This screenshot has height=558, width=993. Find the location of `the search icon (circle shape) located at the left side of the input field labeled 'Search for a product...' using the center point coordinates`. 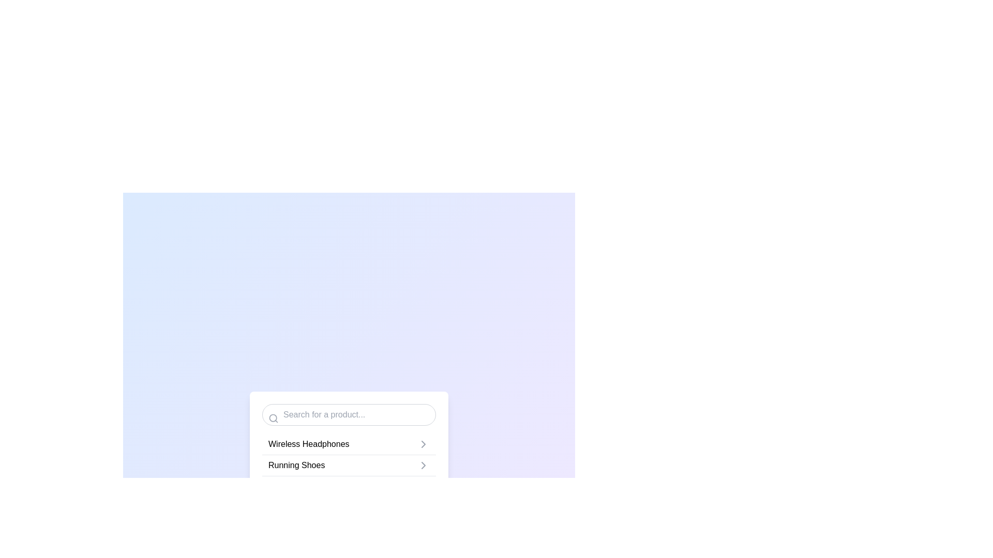

the search icon (circle shape) located at the left side of the input field labeled 'Search for a product...' using the center point coordinates is located at coordinates (273, 417).